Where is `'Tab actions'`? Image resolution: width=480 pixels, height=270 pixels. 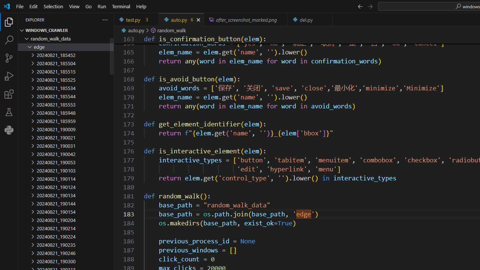 'Tab actions' is located at coordinates (327, 19).